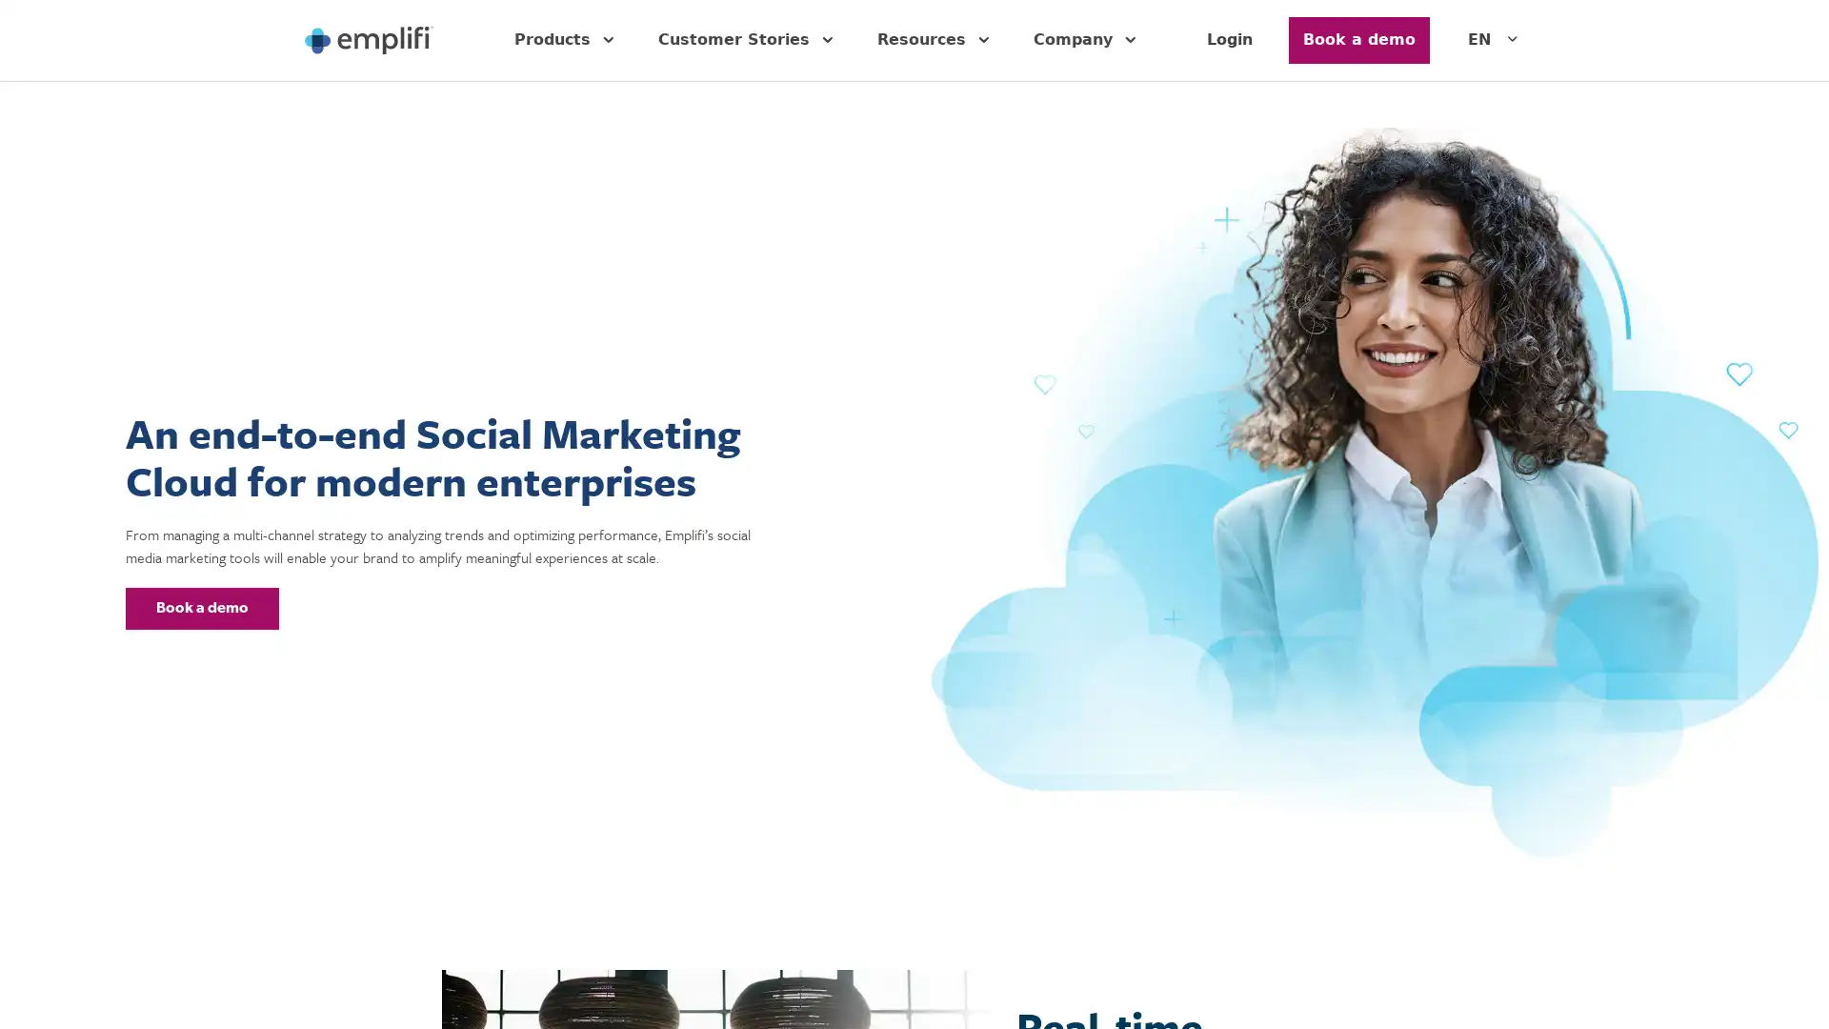  What do you see at coordinates (566, 40) in the screenshot?
I see `Products` at bounding box center [566, 40].